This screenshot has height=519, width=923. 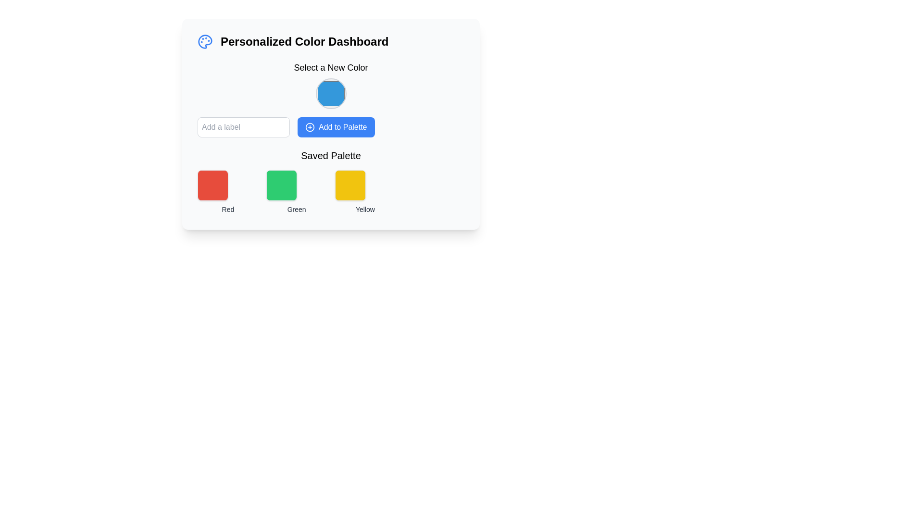 I want to click on the vibrant red colored tile or button in the 'Saved Palette' group, which is the first element among other colored items, so click(x=212, y=185).